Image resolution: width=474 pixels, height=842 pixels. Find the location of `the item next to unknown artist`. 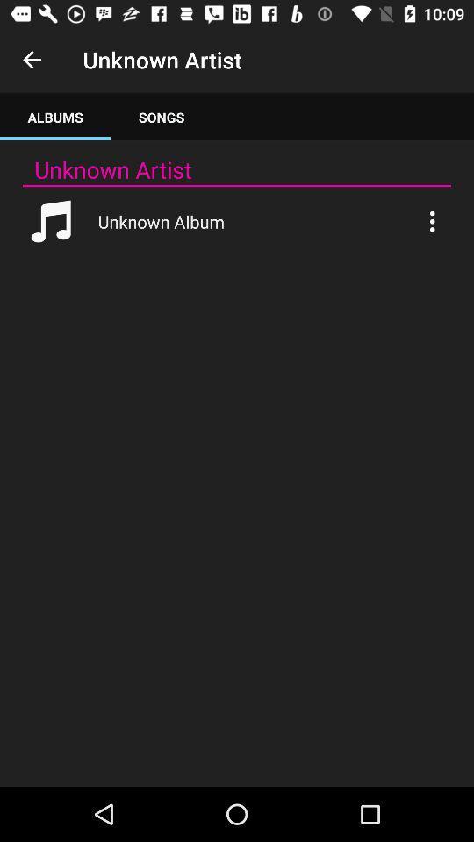

the item next to unknown artist is located at coordinates (32, 60).